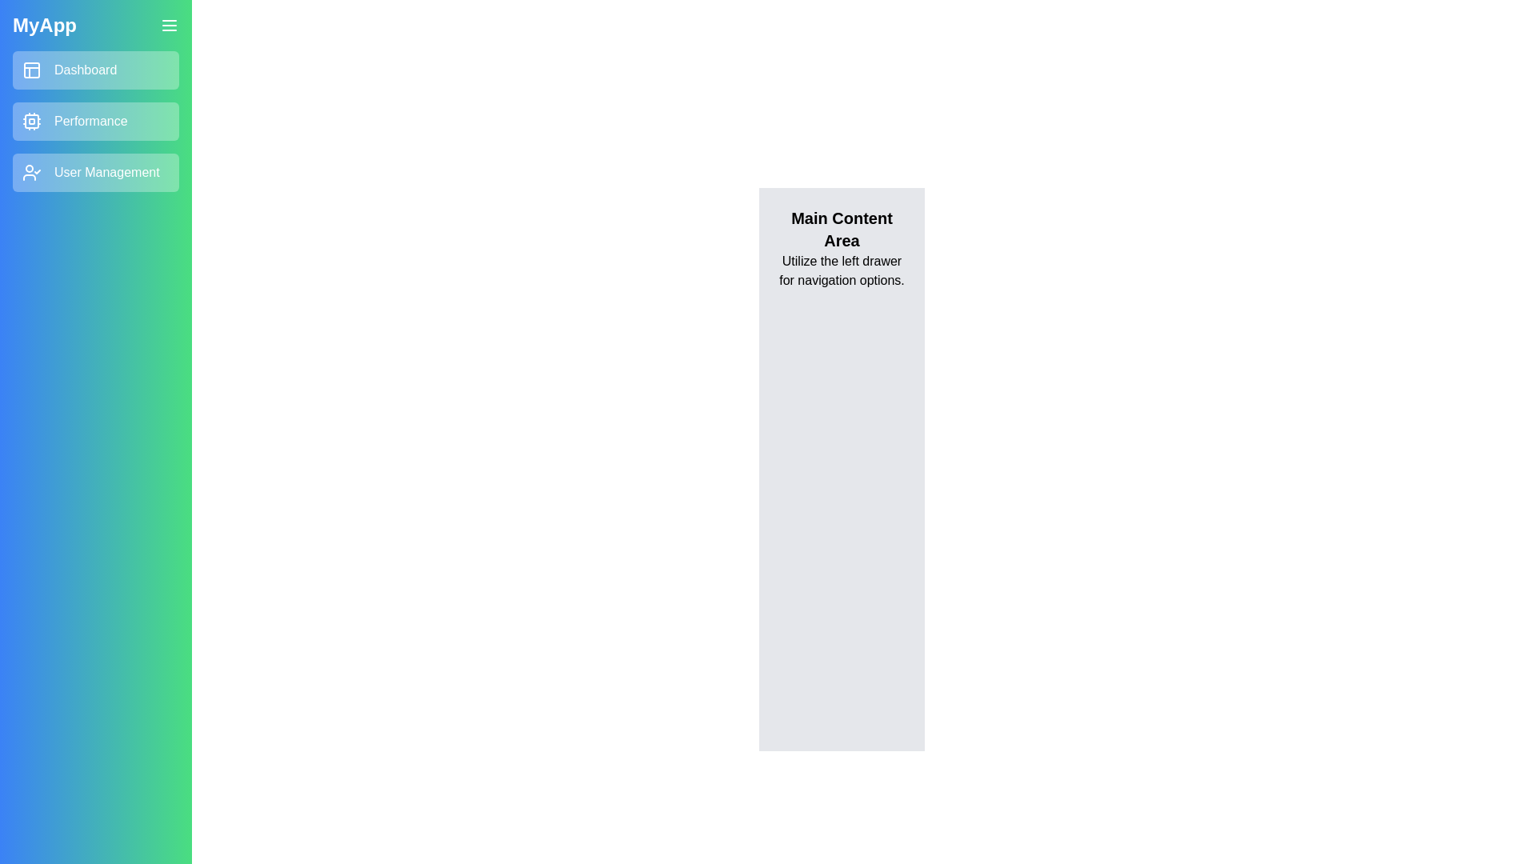 Image resolution: width=1536 pixels, height=864 pixels. Describe the element at coordinates (169, 25) in the screenshot. I see `menu button to toggle the drawer visibility` at that location.